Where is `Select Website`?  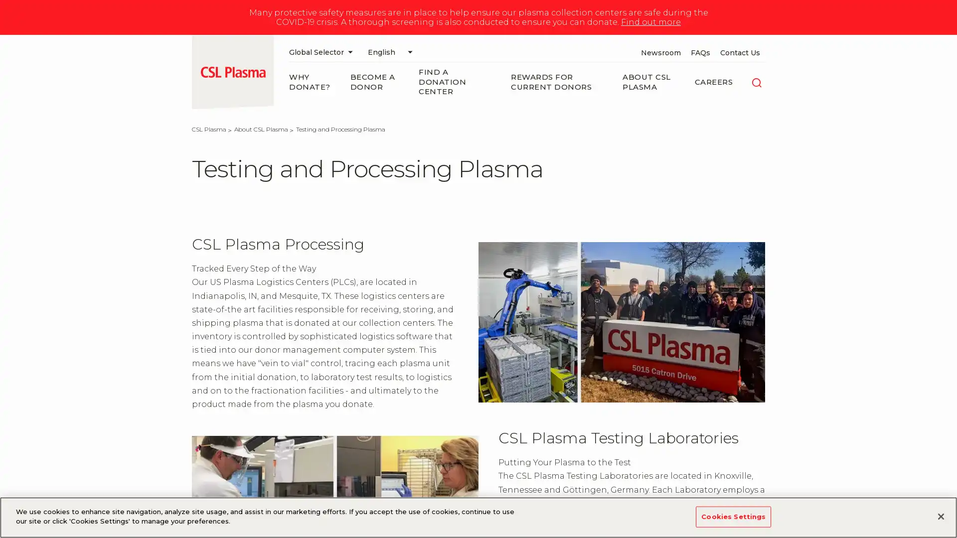 Select Website is located at coordinates (323, 52).